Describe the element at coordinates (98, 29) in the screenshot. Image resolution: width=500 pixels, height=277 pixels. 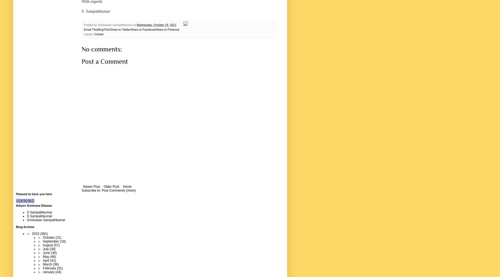
I see `'BlogThis!'` at that location.